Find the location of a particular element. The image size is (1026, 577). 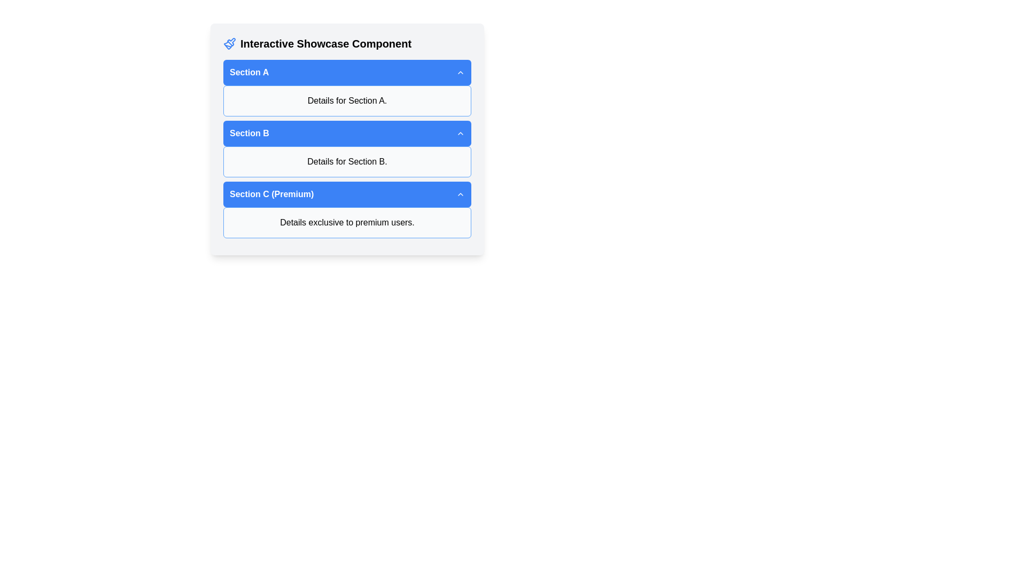

details text in the descriptive panel located below the 'Section A' header in the 'Interactive Showcase Component' is located at coordinates (347, 101).